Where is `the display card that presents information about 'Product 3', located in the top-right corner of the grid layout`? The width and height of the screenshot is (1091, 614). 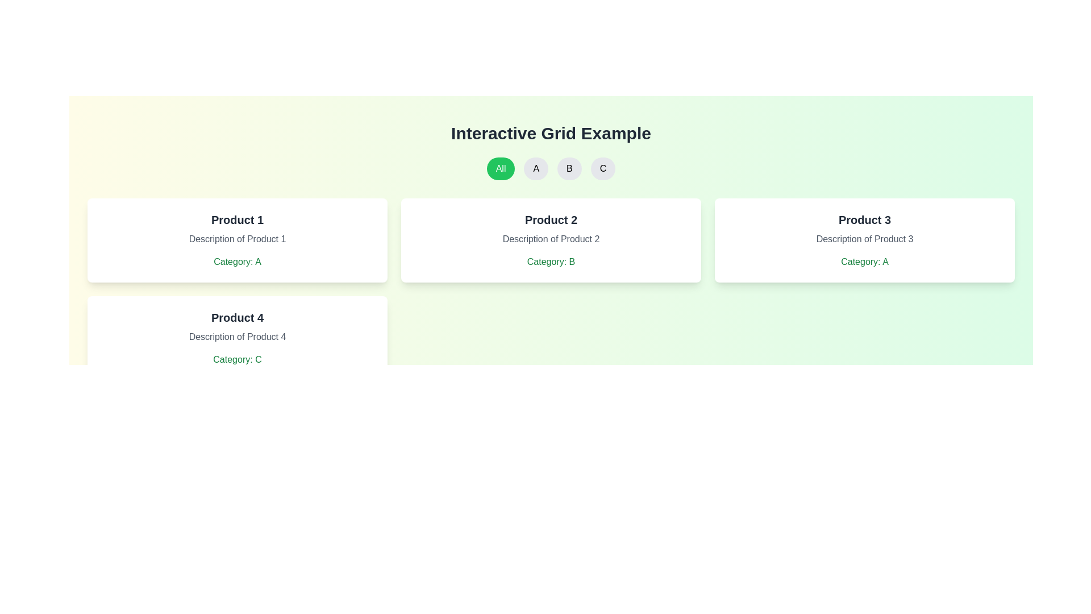 the display card that presents information about 'Product 3', located in the top-right corner of the grid layout is located at coordinates (864, 240).